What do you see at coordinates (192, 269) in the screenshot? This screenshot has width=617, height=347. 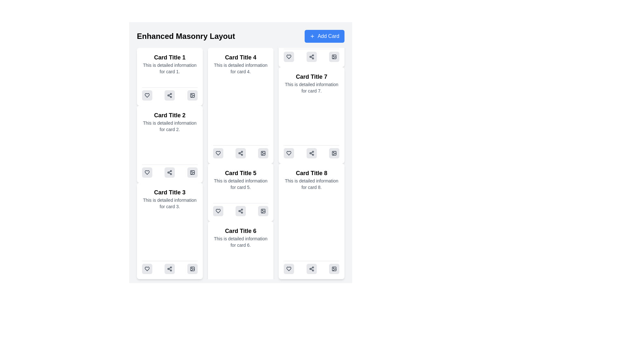 I see `the SVG-based icon located at the bottom-right corner of the card labeled 'Card Title 3'` at bounding box center [192, 269].